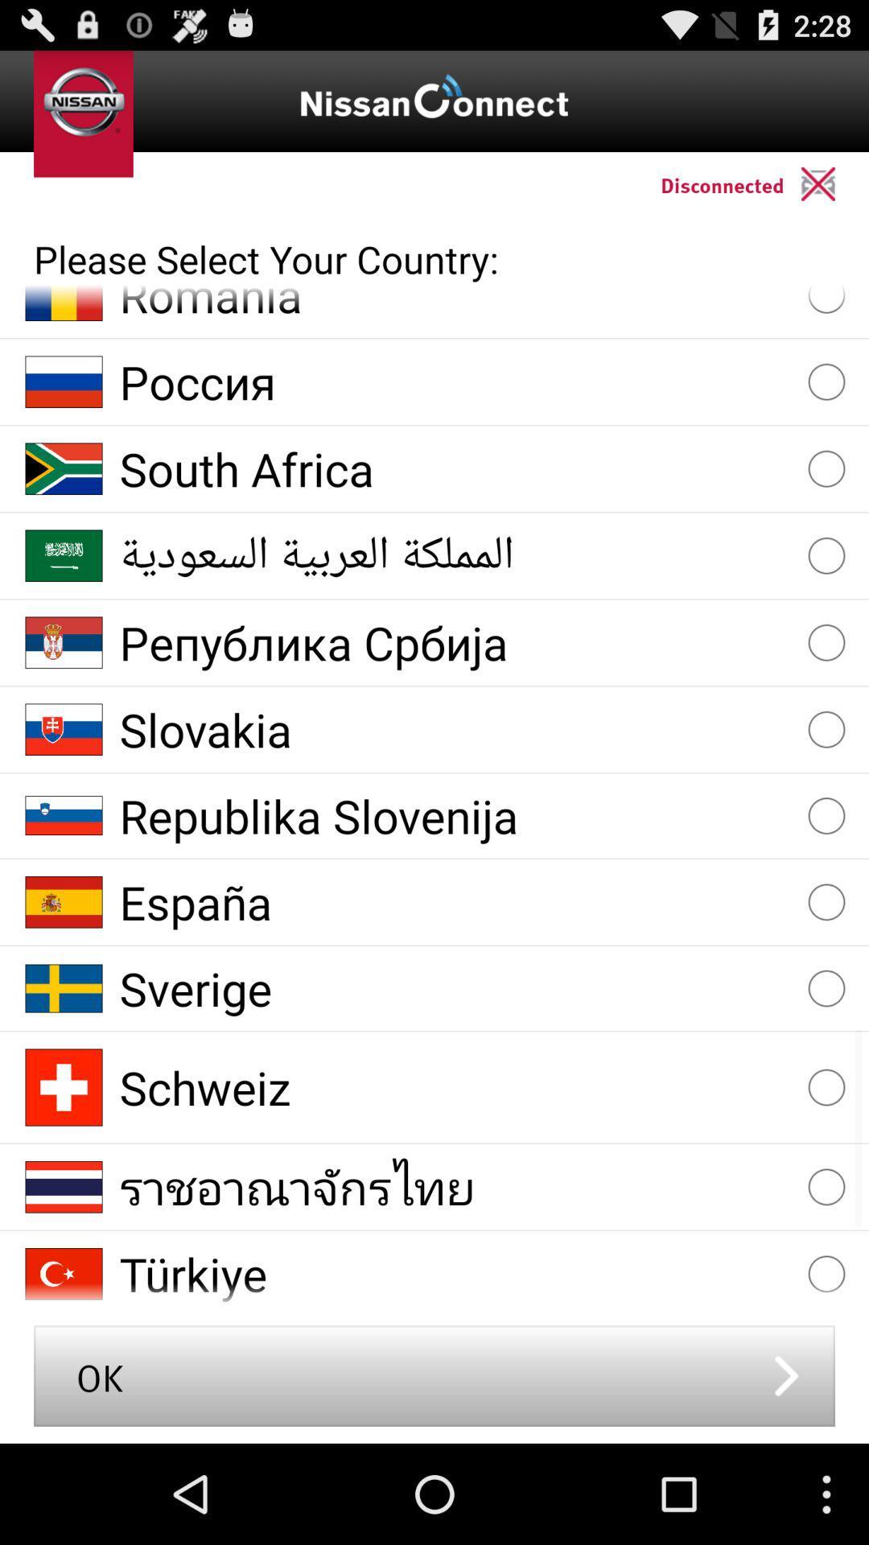 The width and height of the screenshot is (869, 1545). I want to click on item above ok button, so click(456, 1272).